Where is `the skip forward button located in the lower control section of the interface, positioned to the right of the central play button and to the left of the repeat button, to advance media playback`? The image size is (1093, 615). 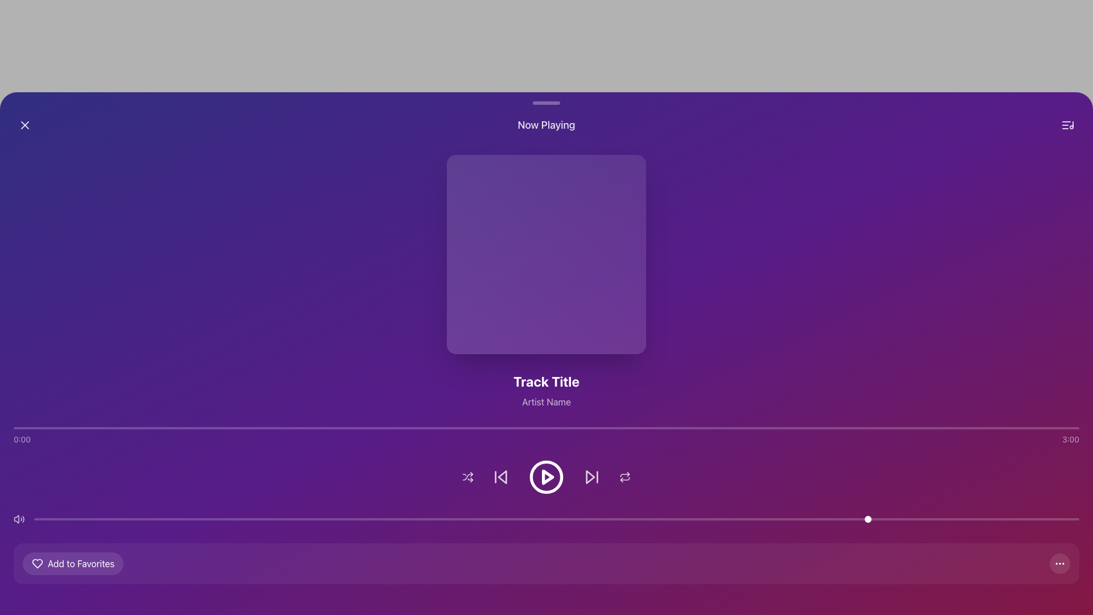 the skip forward button located in the lower control section of the interface, positioned to the right of the central play button and to the left of the repeat button, to advance media playback is located at coordinates (590, 477).